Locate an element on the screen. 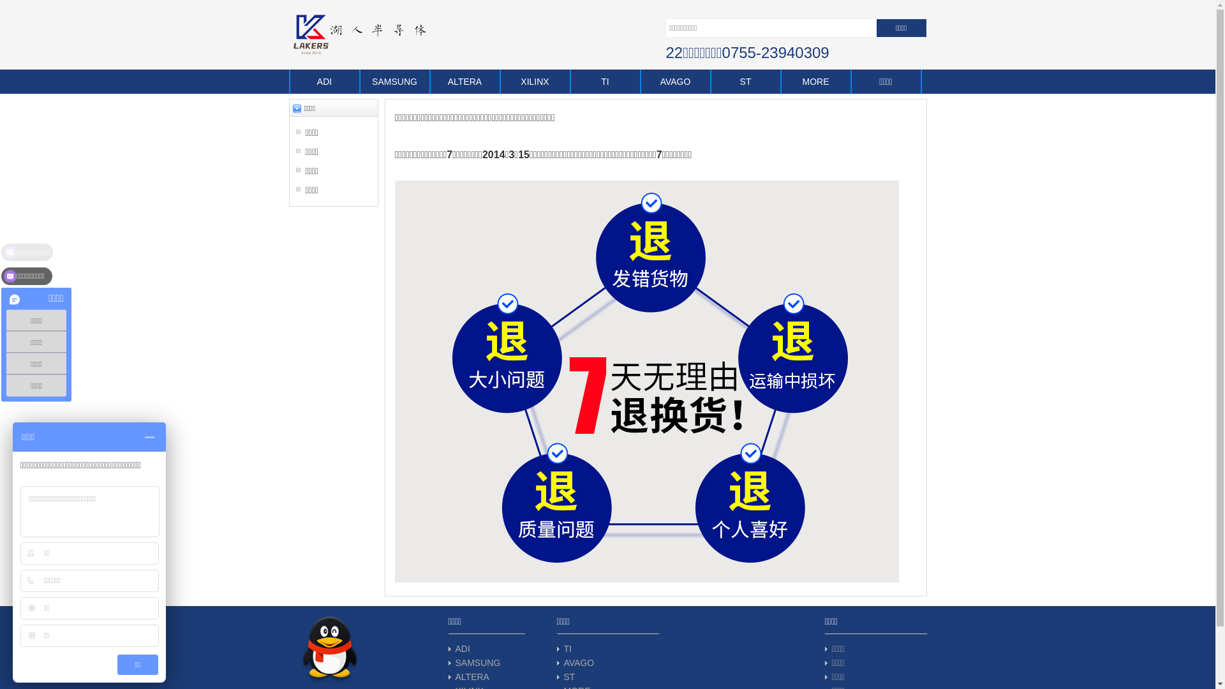  'ADI' is located at coordinates (462, 649).